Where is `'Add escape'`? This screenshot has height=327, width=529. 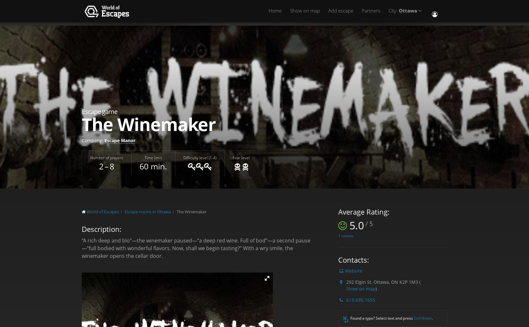
'Add escape' is located at coordinates (328, 12).